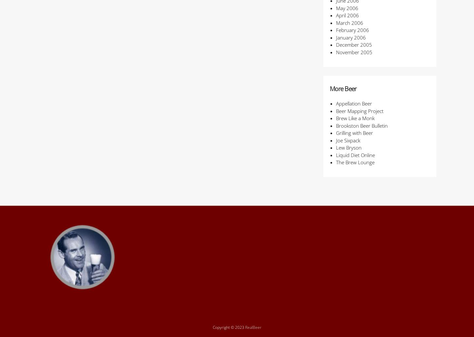  Describe the element at coordinates (352, 30) in the screenshot. I see `'February 2006'` at that location.